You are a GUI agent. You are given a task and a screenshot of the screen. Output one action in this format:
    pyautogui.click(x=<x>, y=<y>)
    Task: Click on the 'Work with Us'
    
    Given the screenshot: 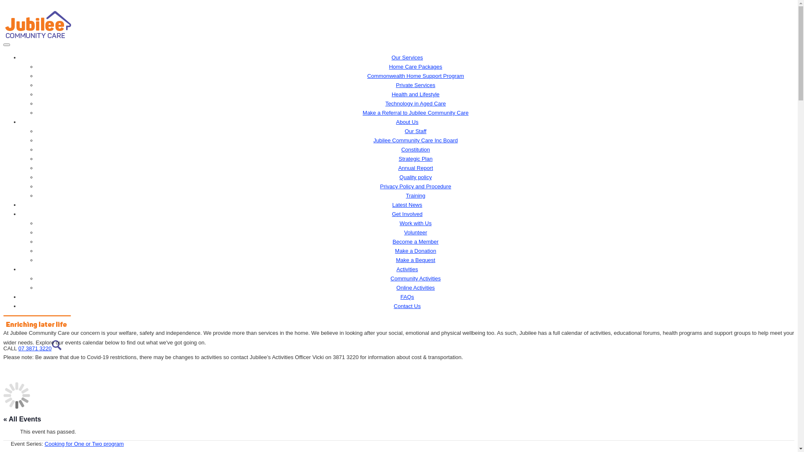 What is the action you would take?
    pyautogui.click(x=415, y=223)
    